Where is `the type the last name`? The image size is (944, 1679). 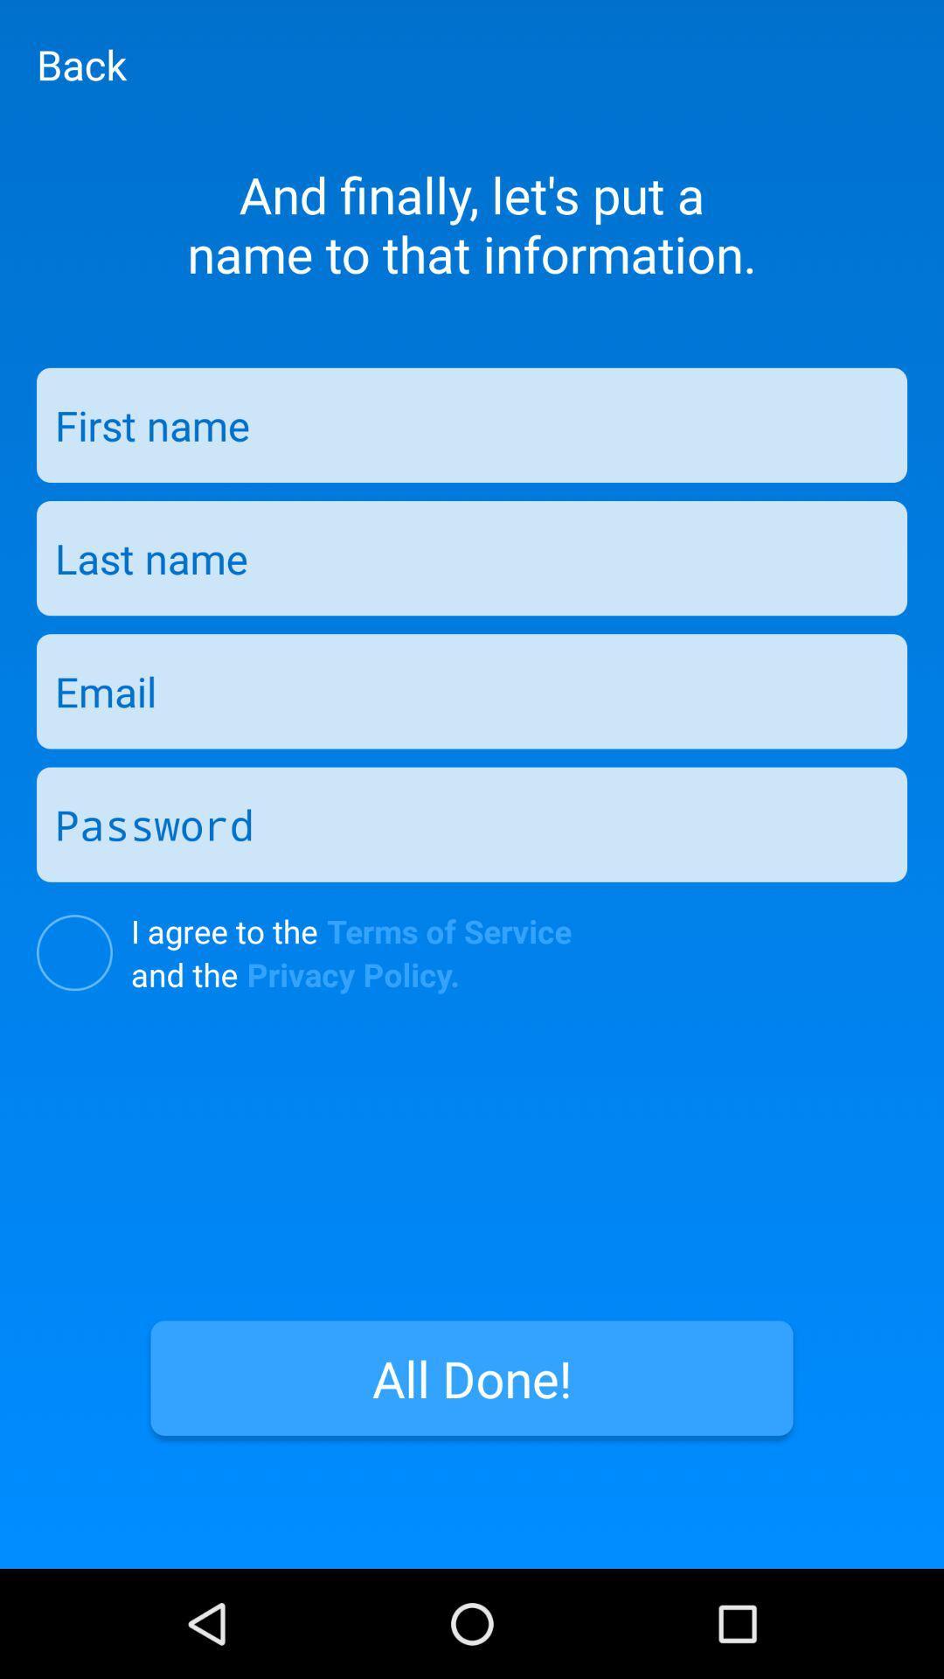 the type the last name is located at coordinates (472, 557).